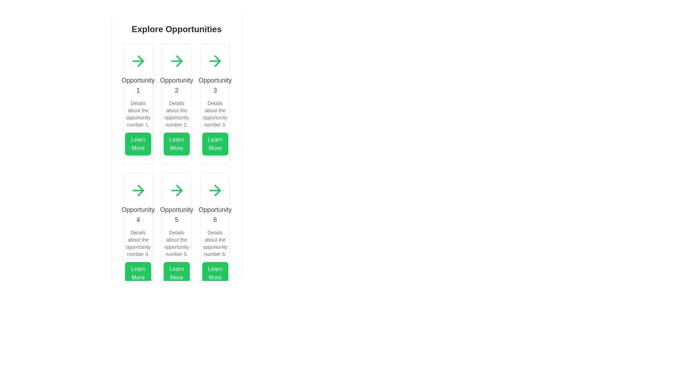 This screenshot has width=686, height=386. I want to click on the text label displaying 'Opportunity 3', which is styled with medium font size and dark gray color, located in the third column of the first row under 'Explore Opportunities', so click(215, 85).